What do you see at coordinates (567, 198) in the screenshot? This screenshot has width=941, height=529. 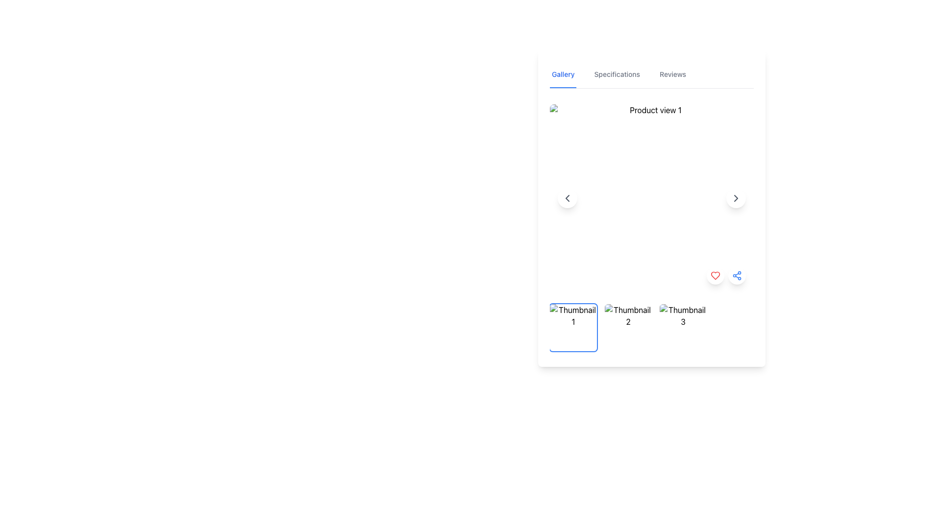 I see `the circular button with a white background and a leftward-pointing gray chevron icon` at bounding box center [567, 198].